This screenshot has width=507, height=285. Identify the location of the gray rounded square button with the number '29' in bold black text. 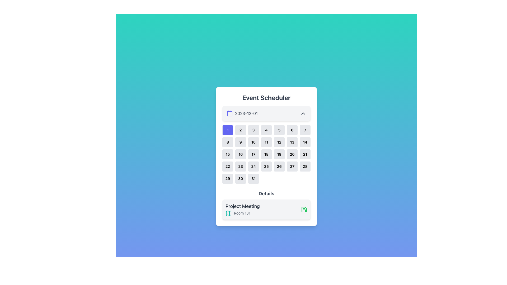
(228, 178).